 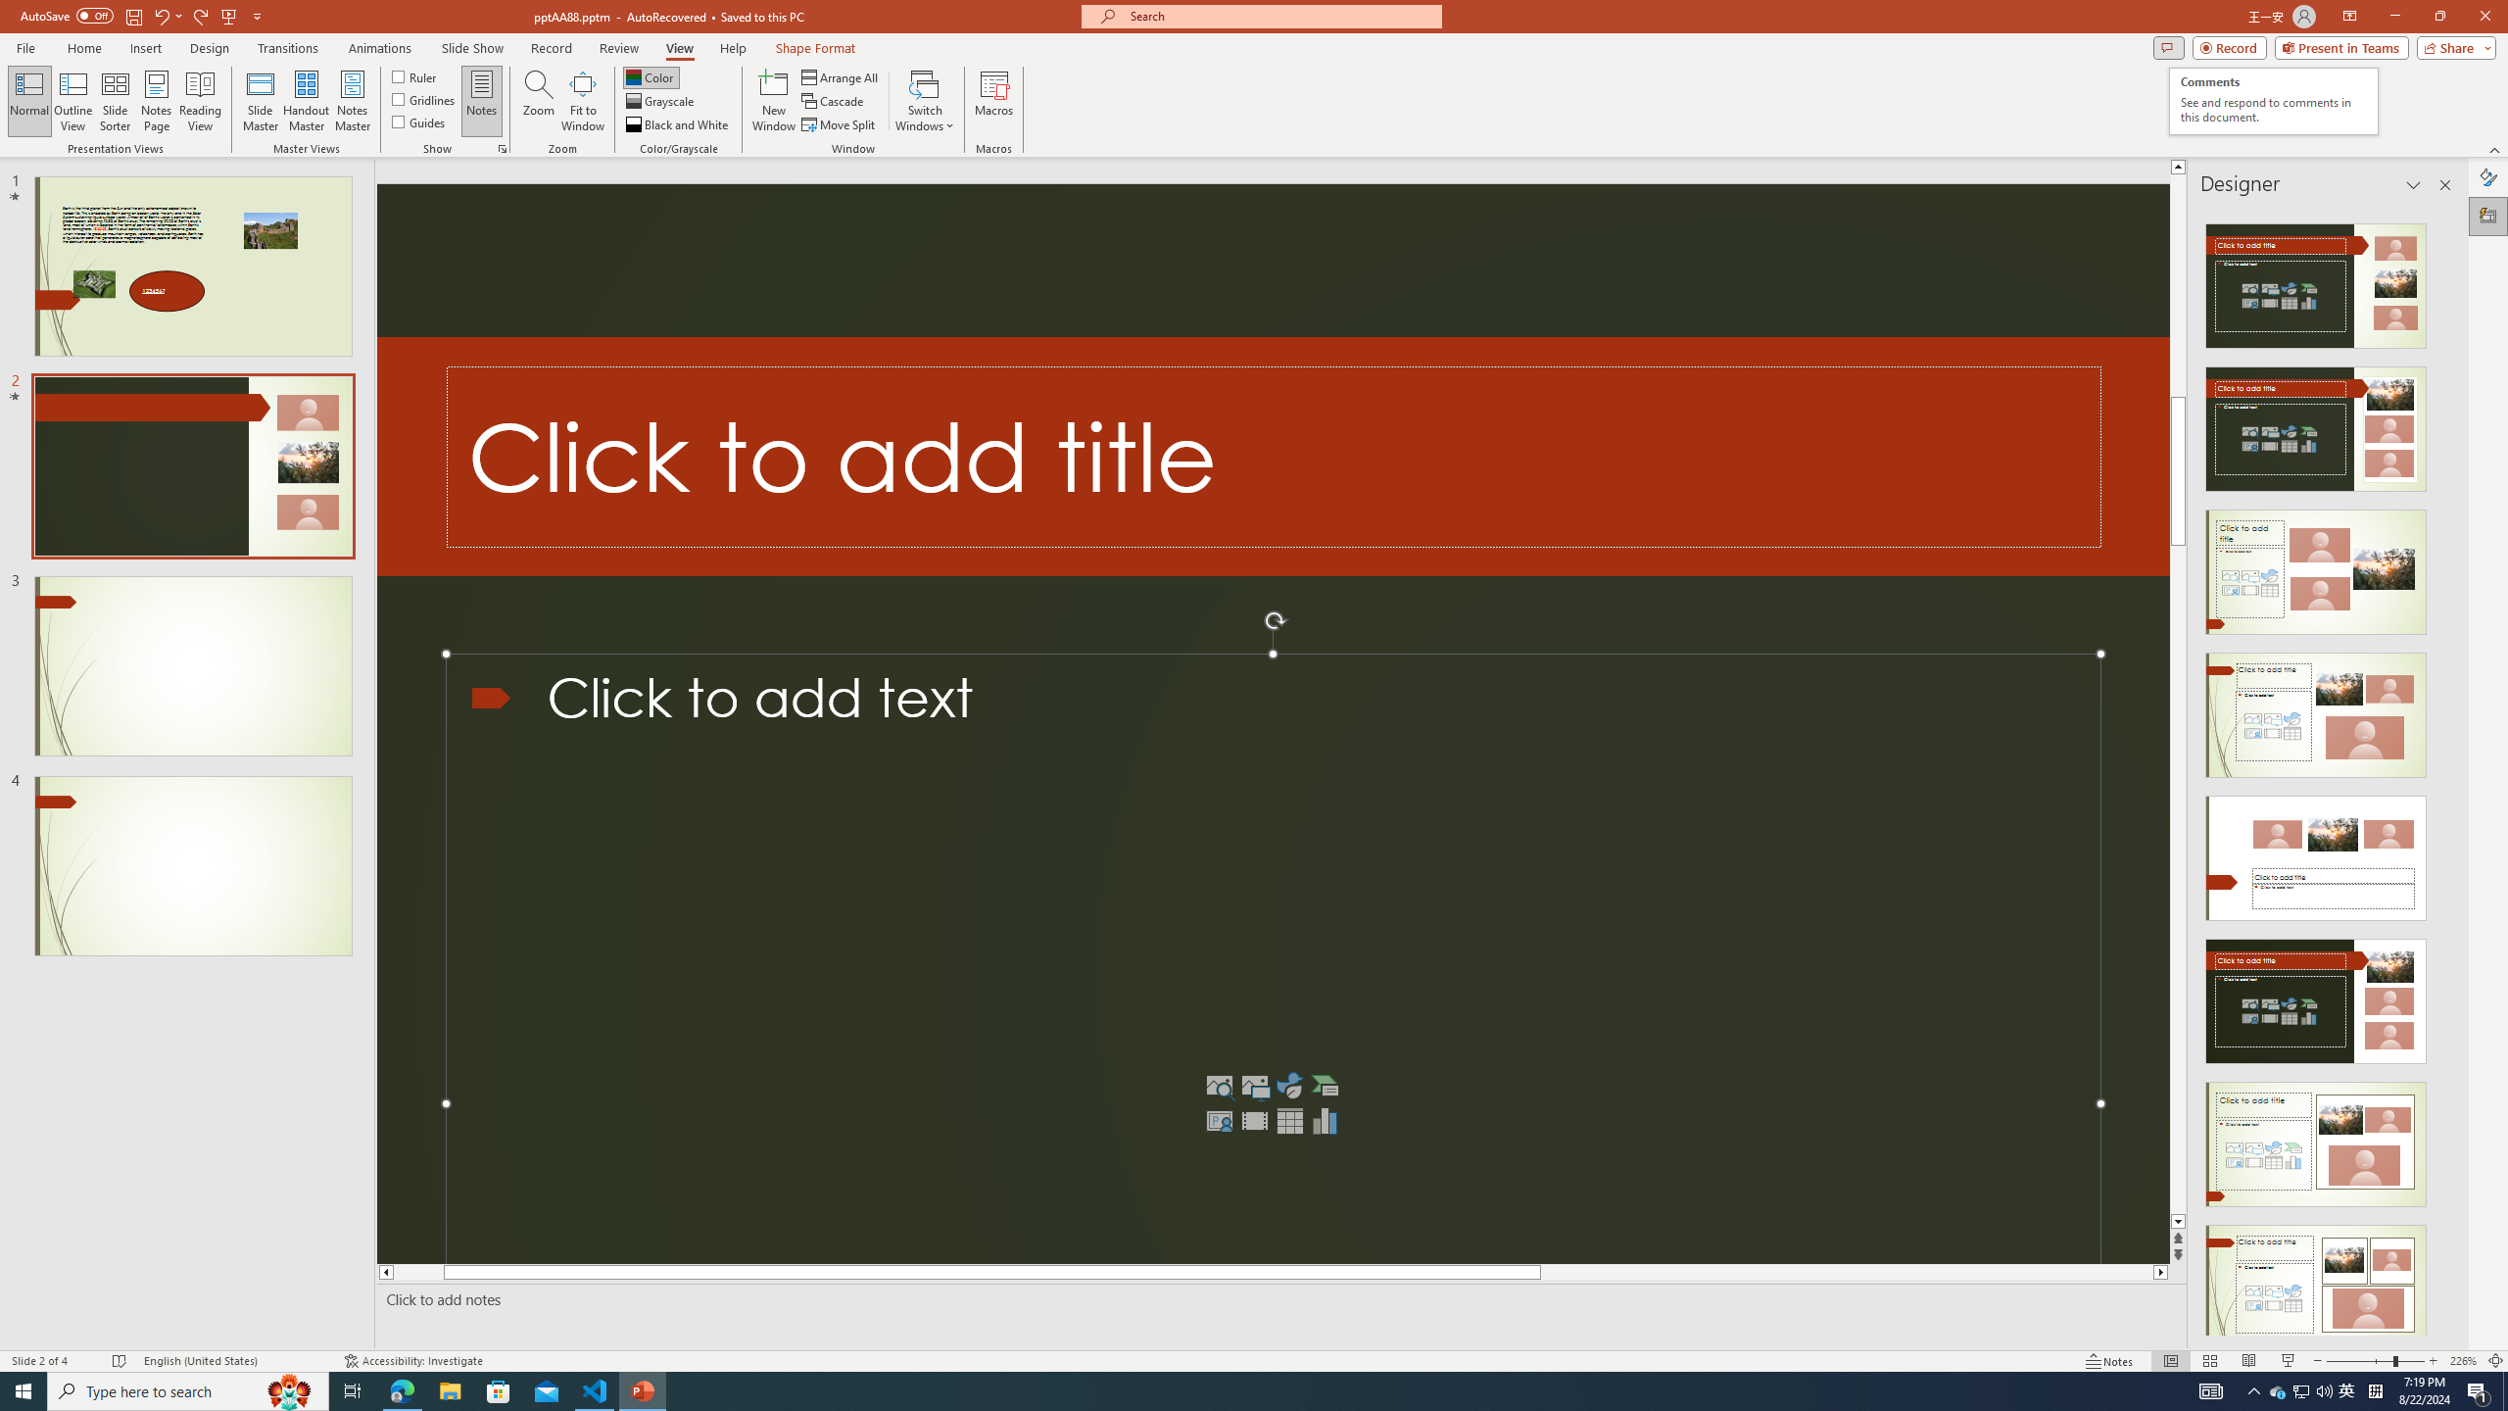 I want to click on 'Handout Master', so click(x=305, y=101).